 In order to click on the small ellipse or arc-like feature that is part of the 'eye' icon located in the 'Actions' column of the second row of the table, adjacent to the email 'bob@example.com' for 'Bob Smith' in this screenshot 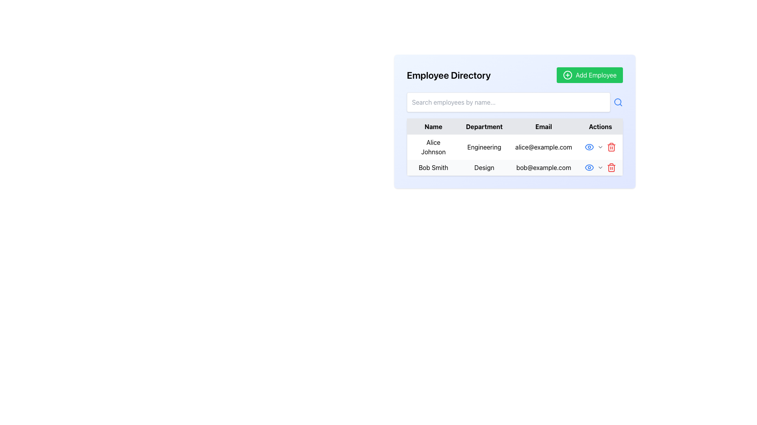, I will do `click(589, 147)`.